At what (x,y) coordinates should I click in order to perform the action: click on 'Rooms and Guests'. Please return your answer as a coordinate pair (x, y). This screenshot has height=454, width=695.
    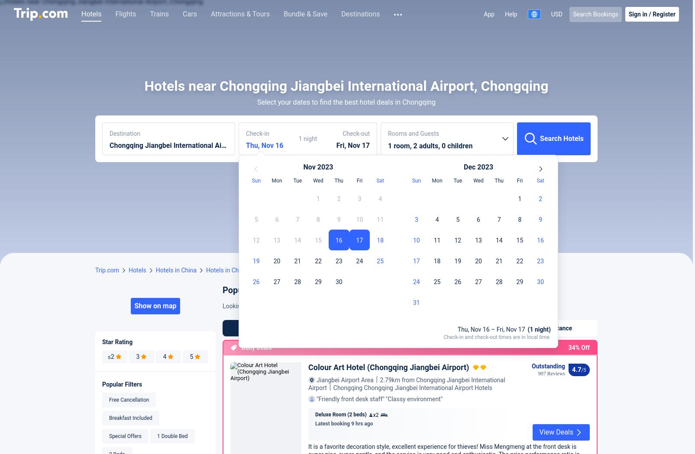
    Looking at the image, I should click on (413, 267).